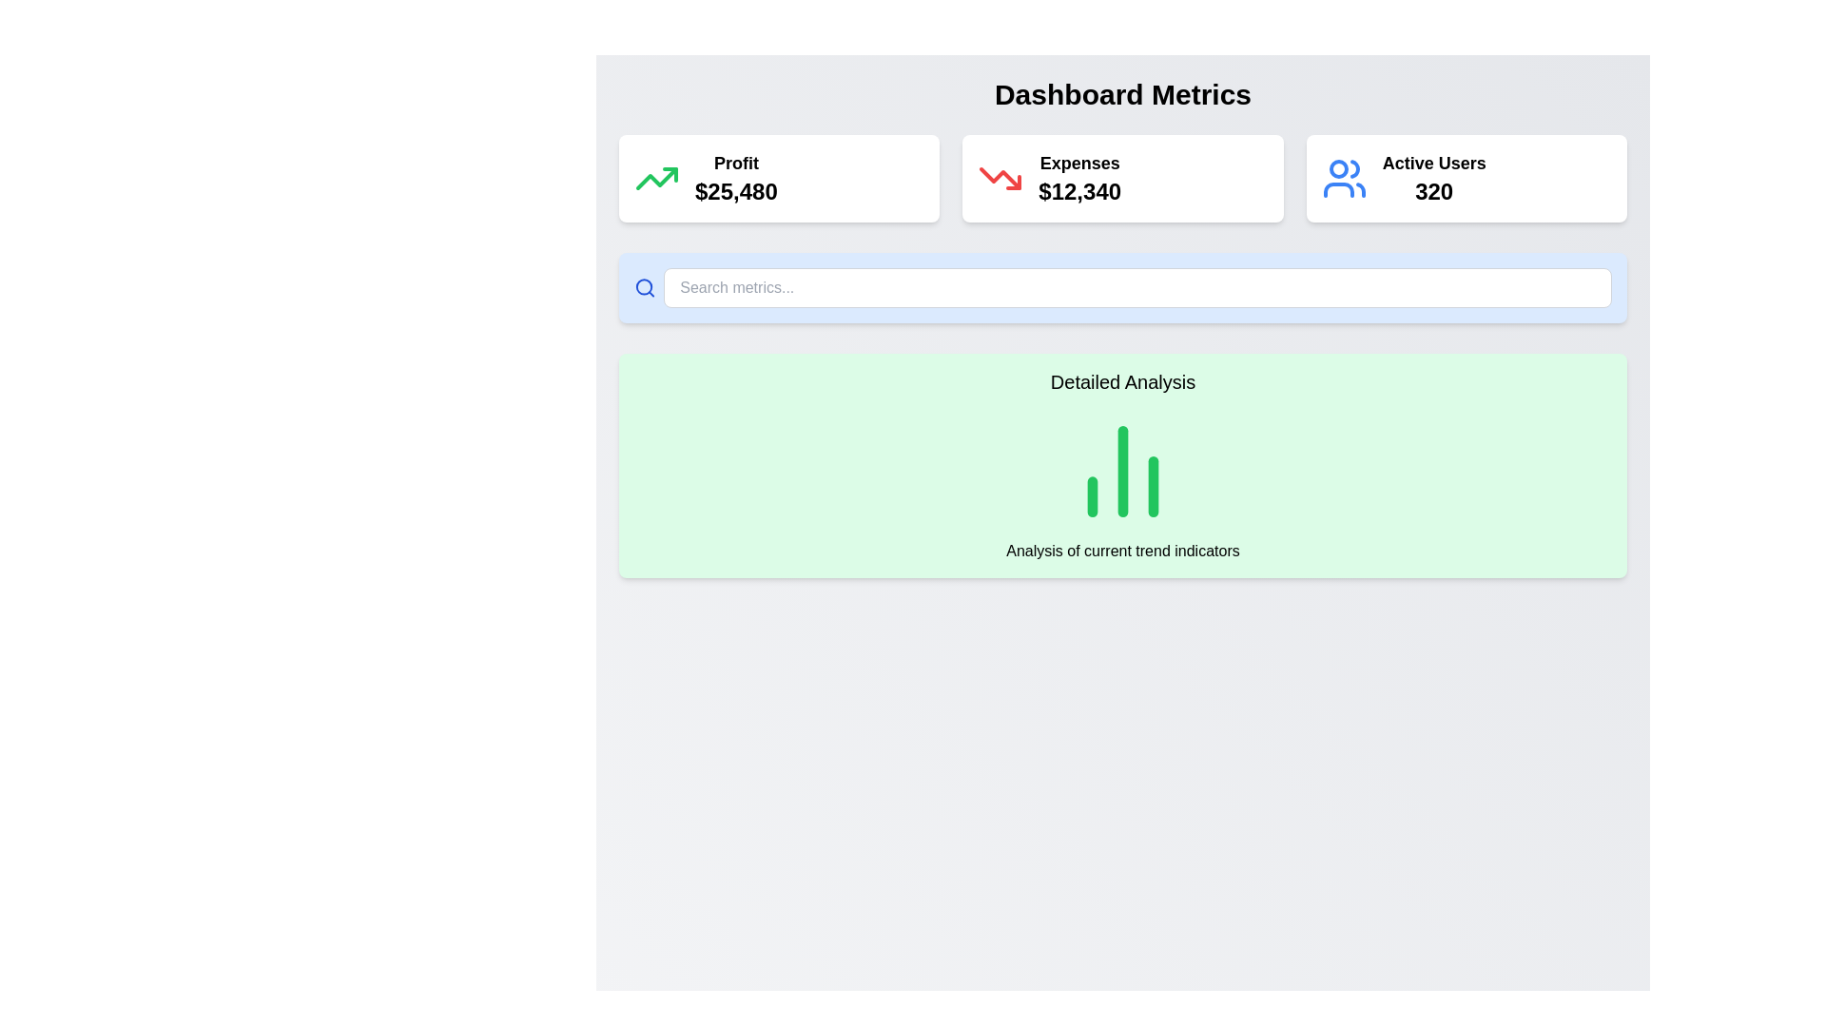 This screenshot has height=1027, width=1826. I want to click on the text display indicating the total amount of expenses located under the 'Expenses' title on the dashboard for review, so click(1079, 191).